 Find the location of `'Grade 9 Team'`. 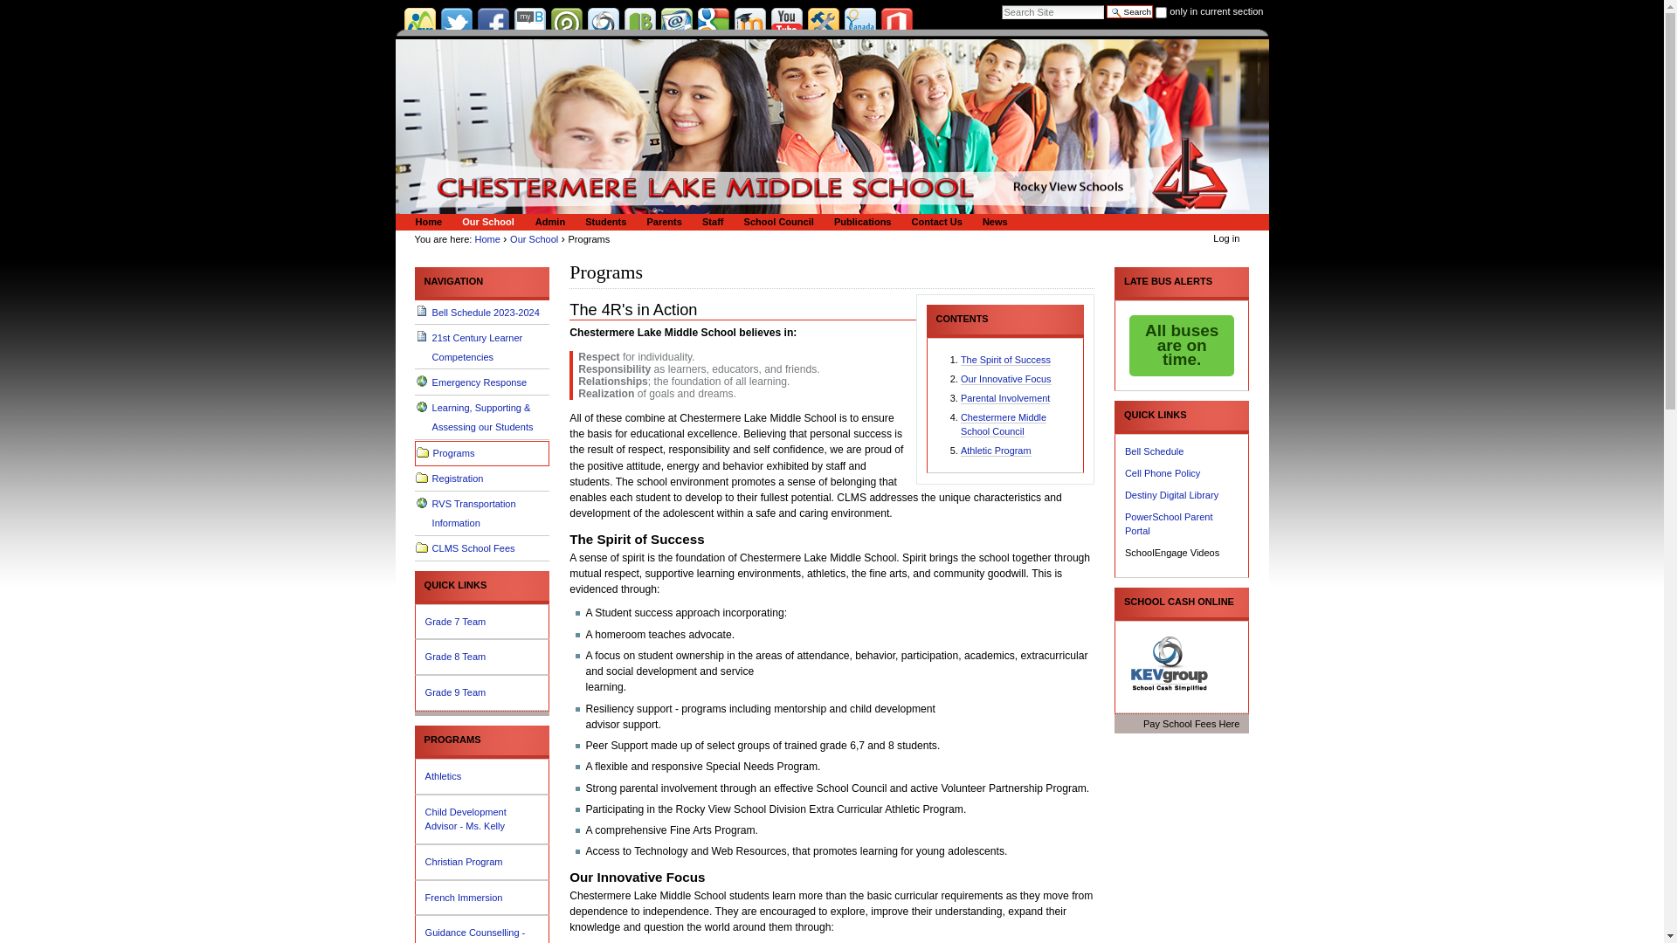

'Grade 9 Team' is located at coordinates (482, 692).